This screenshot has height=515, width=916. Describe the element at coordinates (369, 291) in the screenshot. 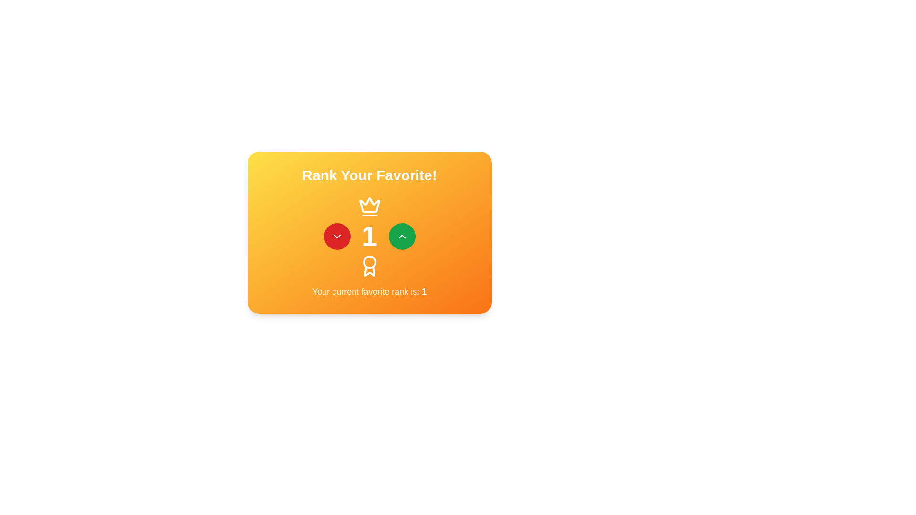

I see `the static text display that shows the current favorite rank of the user, located at the bottom center of a section with a gradient orange background` at that location.